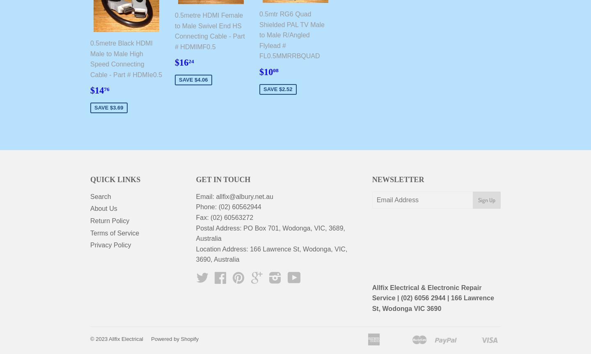 The image size is (591, 354). Describe the element at coordinates (179, 80) in the screenshot. I see `'Save $4.06'` at that location.